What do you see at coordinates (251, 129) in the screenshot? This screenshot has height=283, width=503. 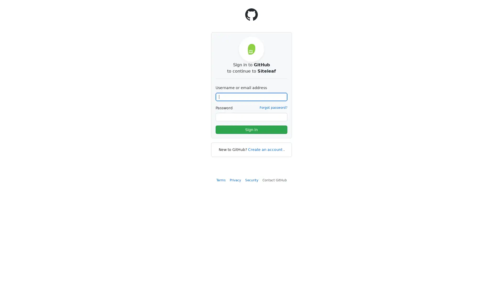 I see `Sign in` at bounding box center [251, 129].